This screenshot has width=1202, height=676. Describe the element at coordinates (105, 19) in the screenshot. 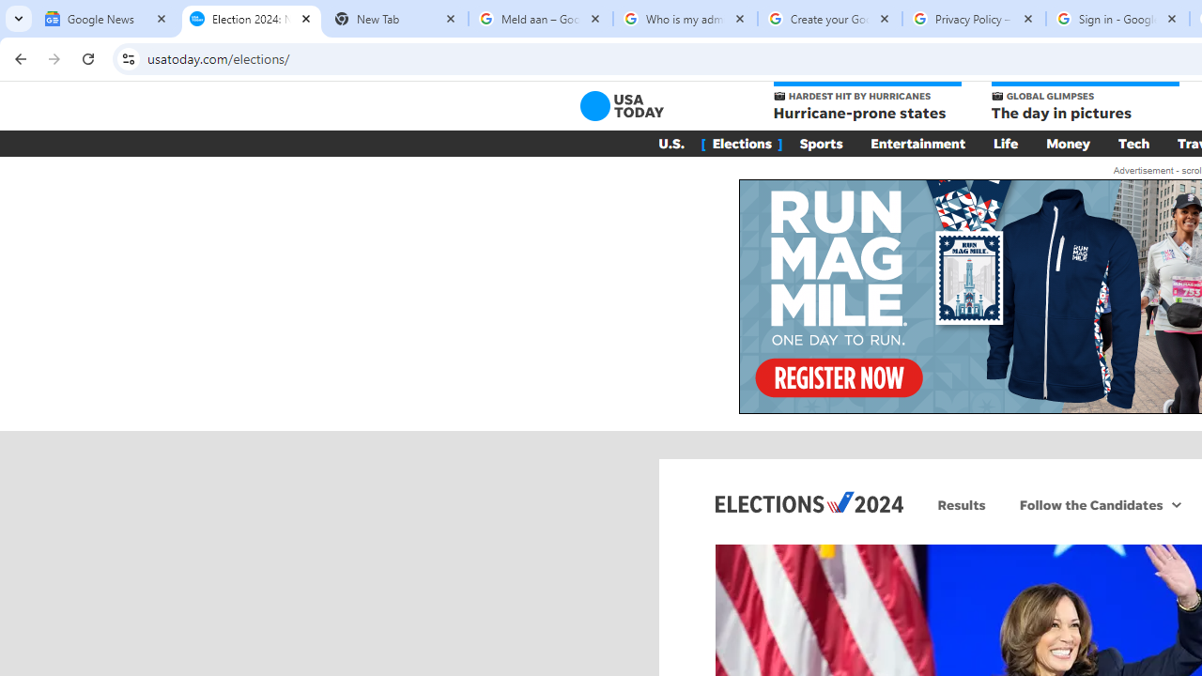

I see `'Google News'` at that location.